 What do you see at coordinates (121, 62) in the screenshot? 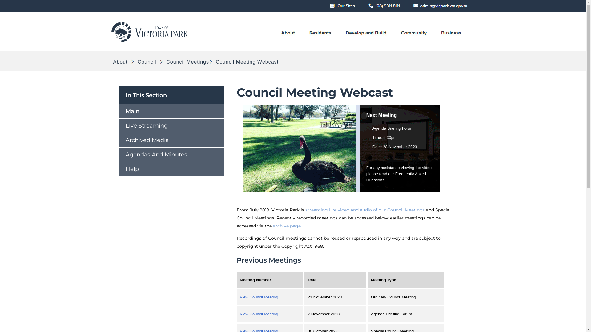
I see `'About'` at bounding box center [121, 62].